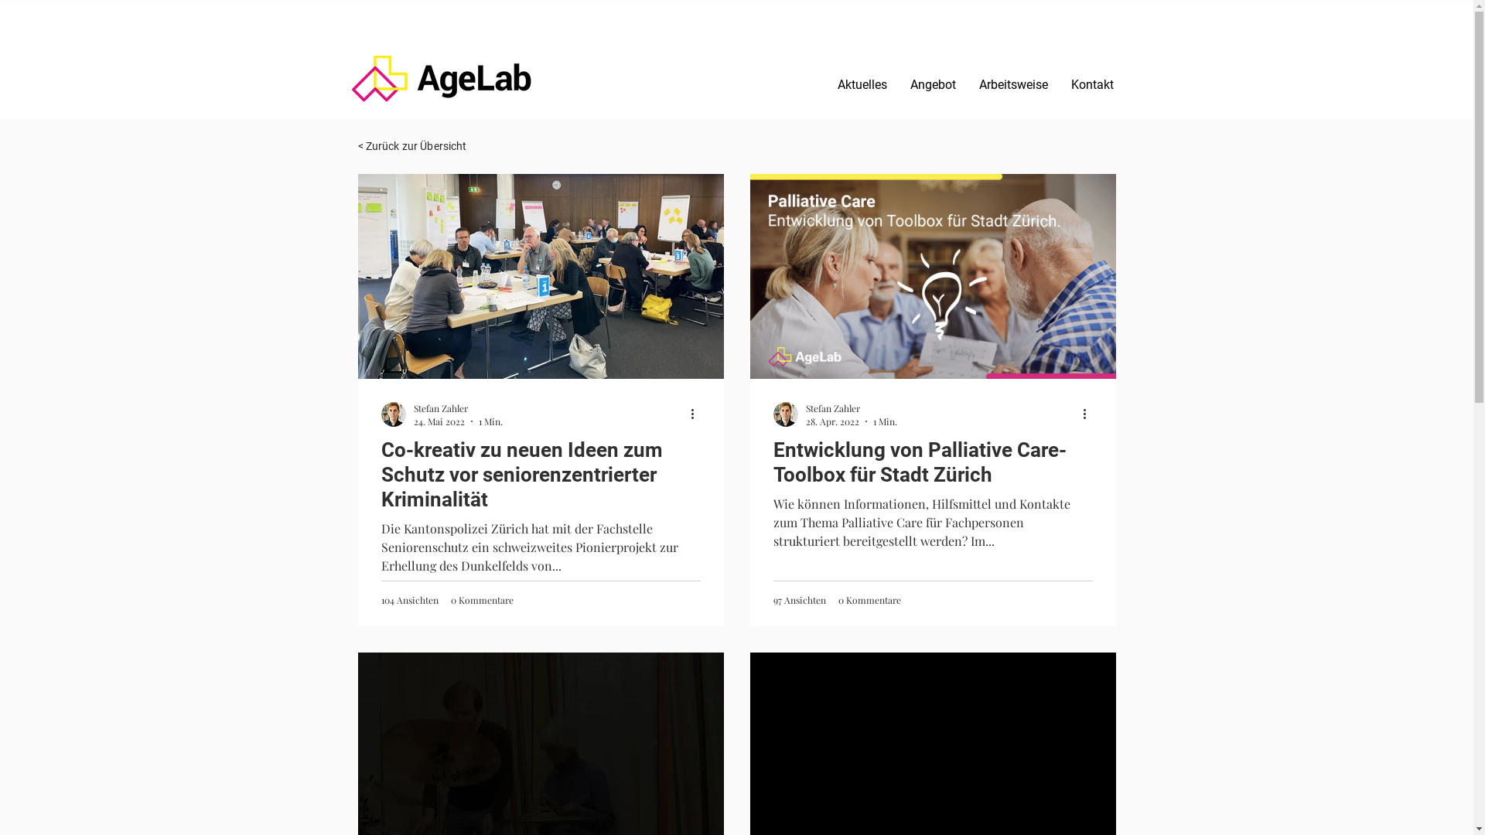 This screenshot has width=1485, height=835. Describe the element at coordinates (861, 83) in the screenshot. I see `'Aktuelles'` at that location.